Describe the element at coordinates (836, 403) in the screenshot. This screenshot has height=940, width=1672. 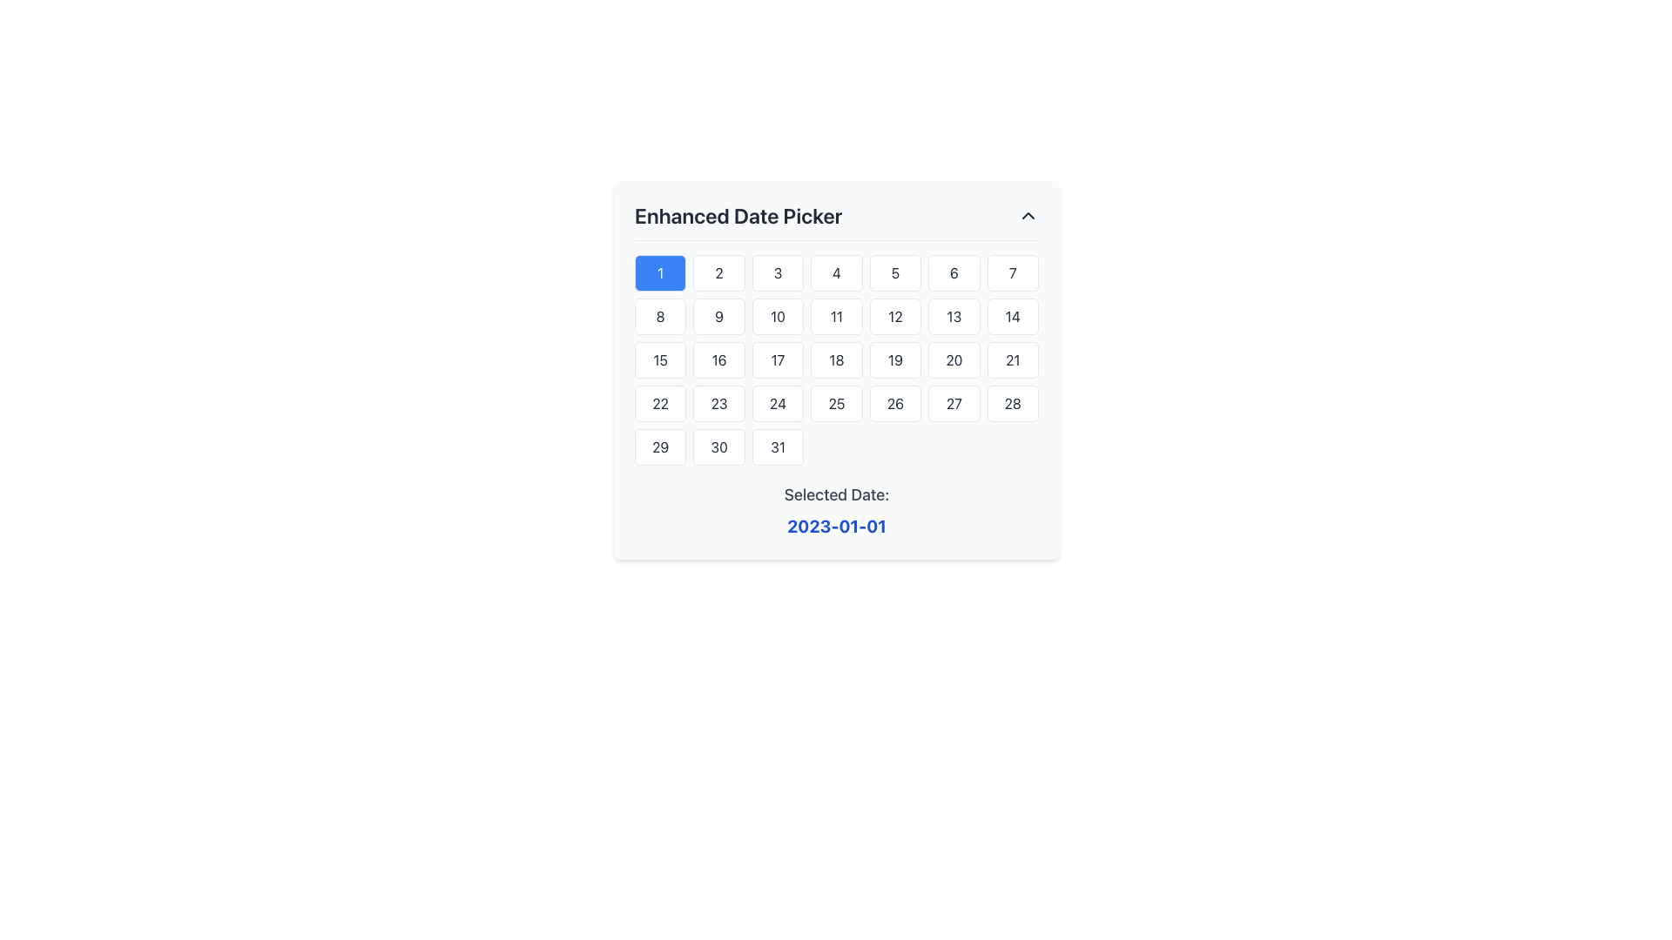
I see `the button displaying the number '25'` at that location.